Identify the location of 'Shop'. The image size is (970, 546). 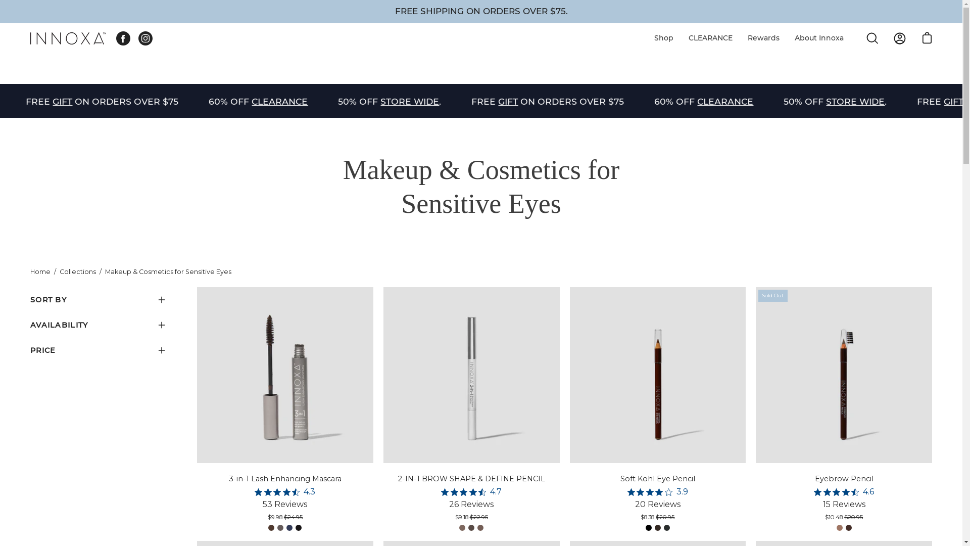
(664, 37).